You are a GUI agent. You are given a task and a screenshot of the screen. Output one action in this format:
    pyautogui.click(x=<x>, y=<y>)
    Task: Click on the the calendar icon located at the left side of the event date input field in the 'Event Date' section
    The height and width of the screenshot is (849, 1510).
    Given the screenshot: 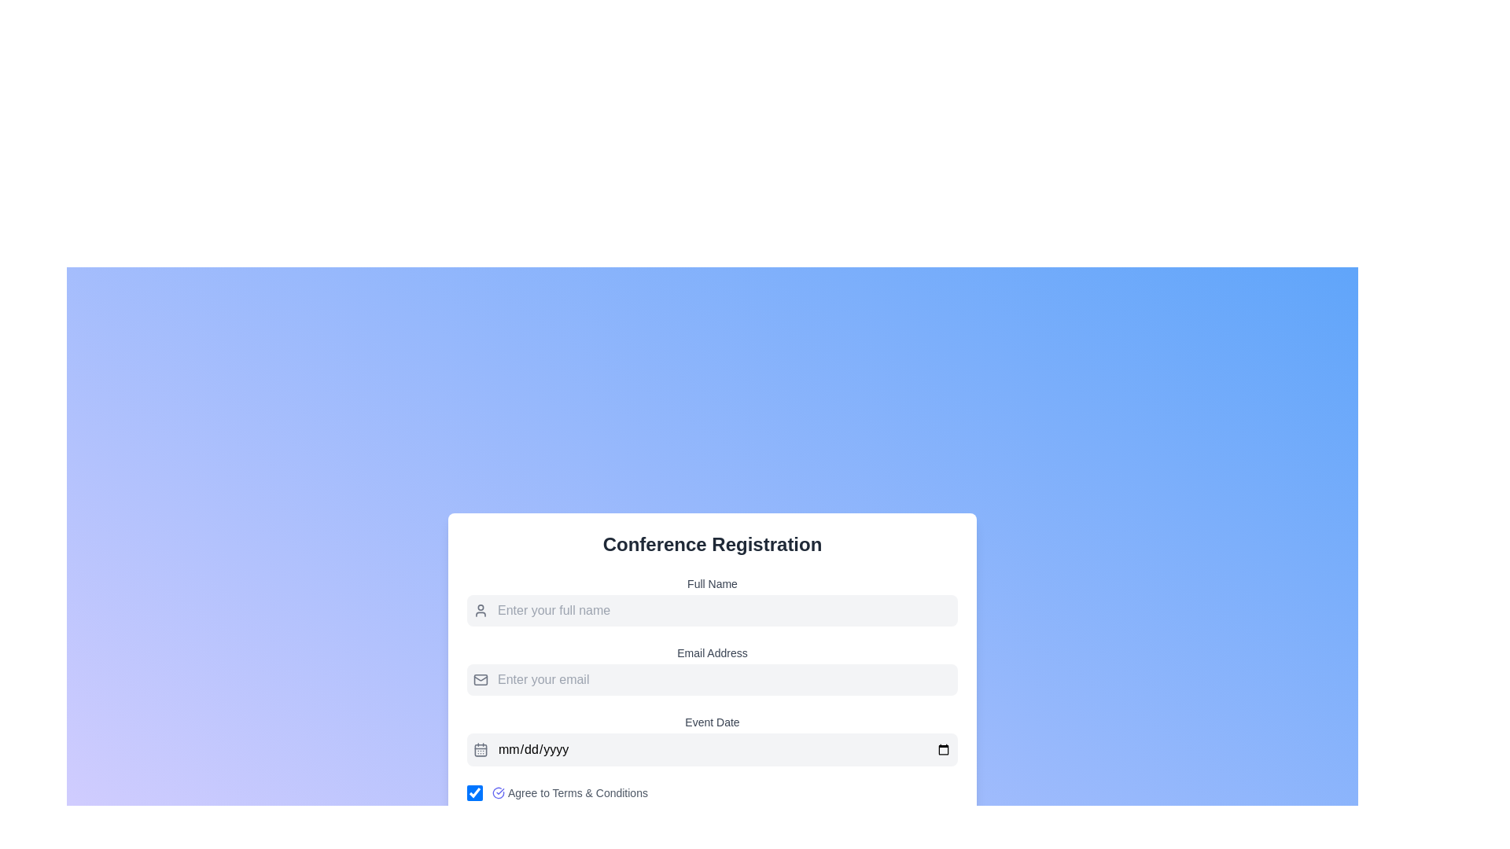 What is the action you would take?
    pyautogui.click(x=480, y=748)
    